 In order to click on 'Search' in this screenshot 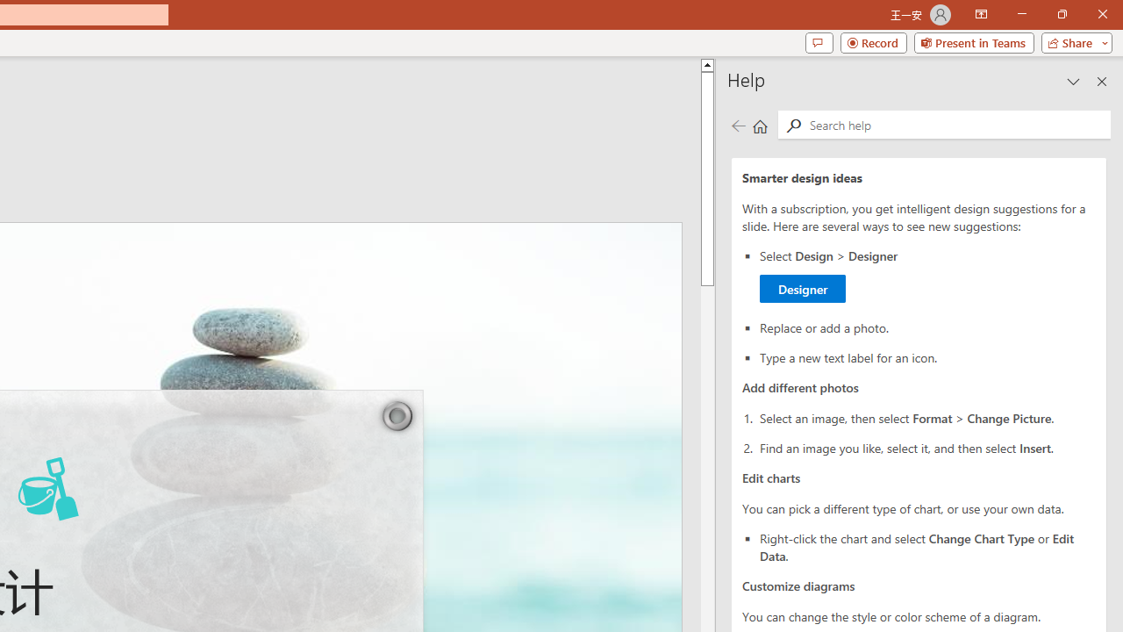, I will do `click(792, 125)`.